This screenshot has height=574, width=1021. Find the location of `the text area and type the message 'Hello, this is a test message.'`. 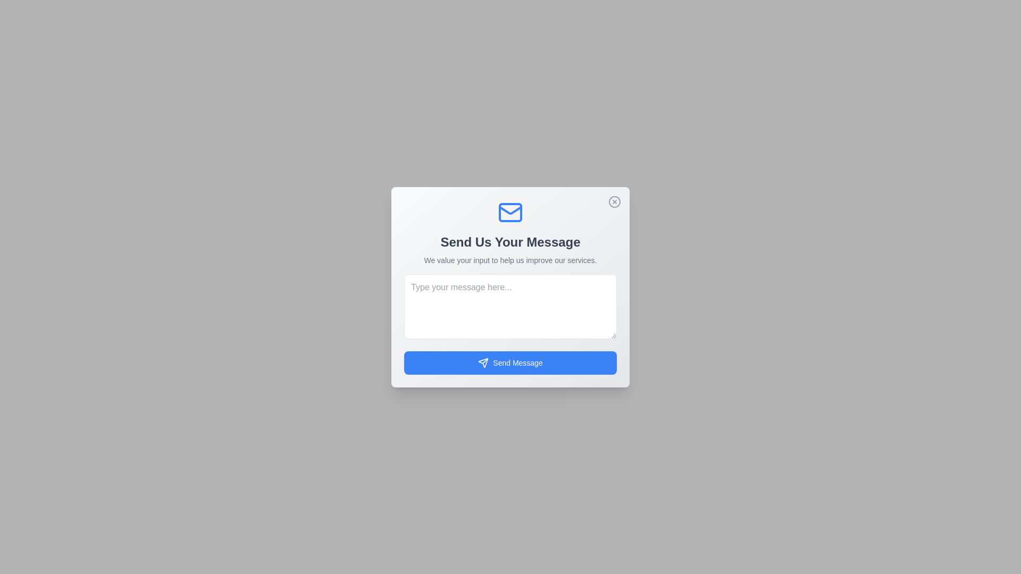

the text area and type the message 'Hello, this is a test message.' is located at coordinates (510, 306).